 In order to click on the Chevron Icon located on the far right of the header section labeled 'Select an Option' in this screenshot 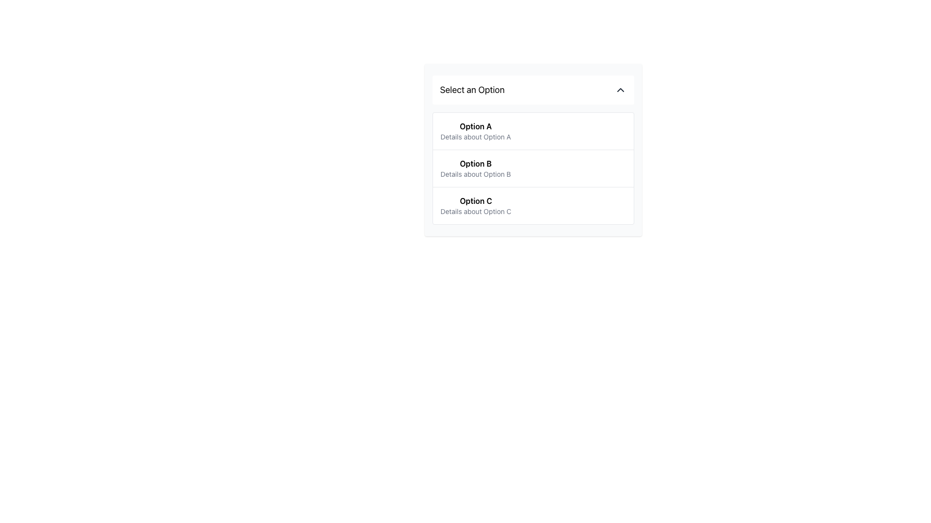, I will do `click(620, 90)`.